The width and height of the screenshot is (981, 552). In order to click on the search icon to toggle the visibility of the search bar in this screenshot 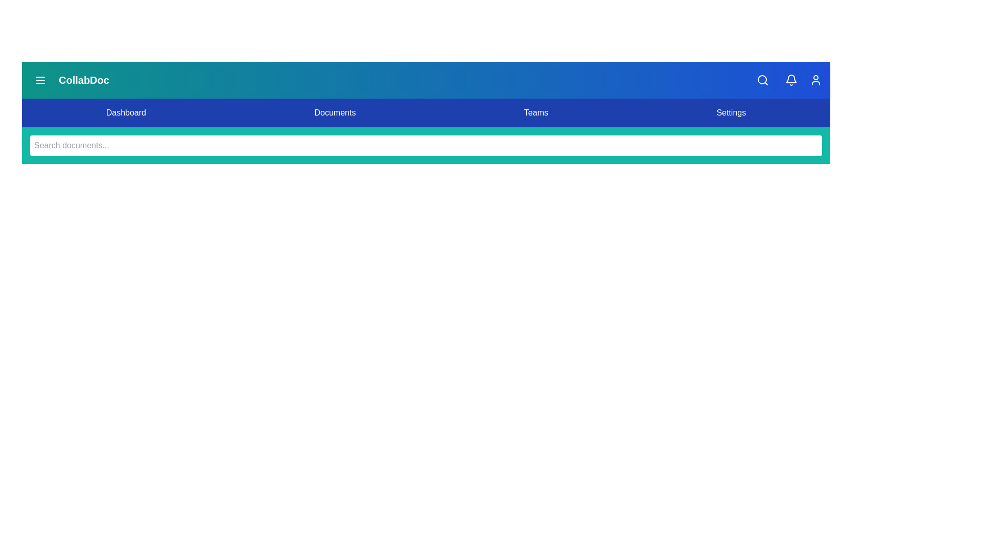, I will do `click(762, 80)`.